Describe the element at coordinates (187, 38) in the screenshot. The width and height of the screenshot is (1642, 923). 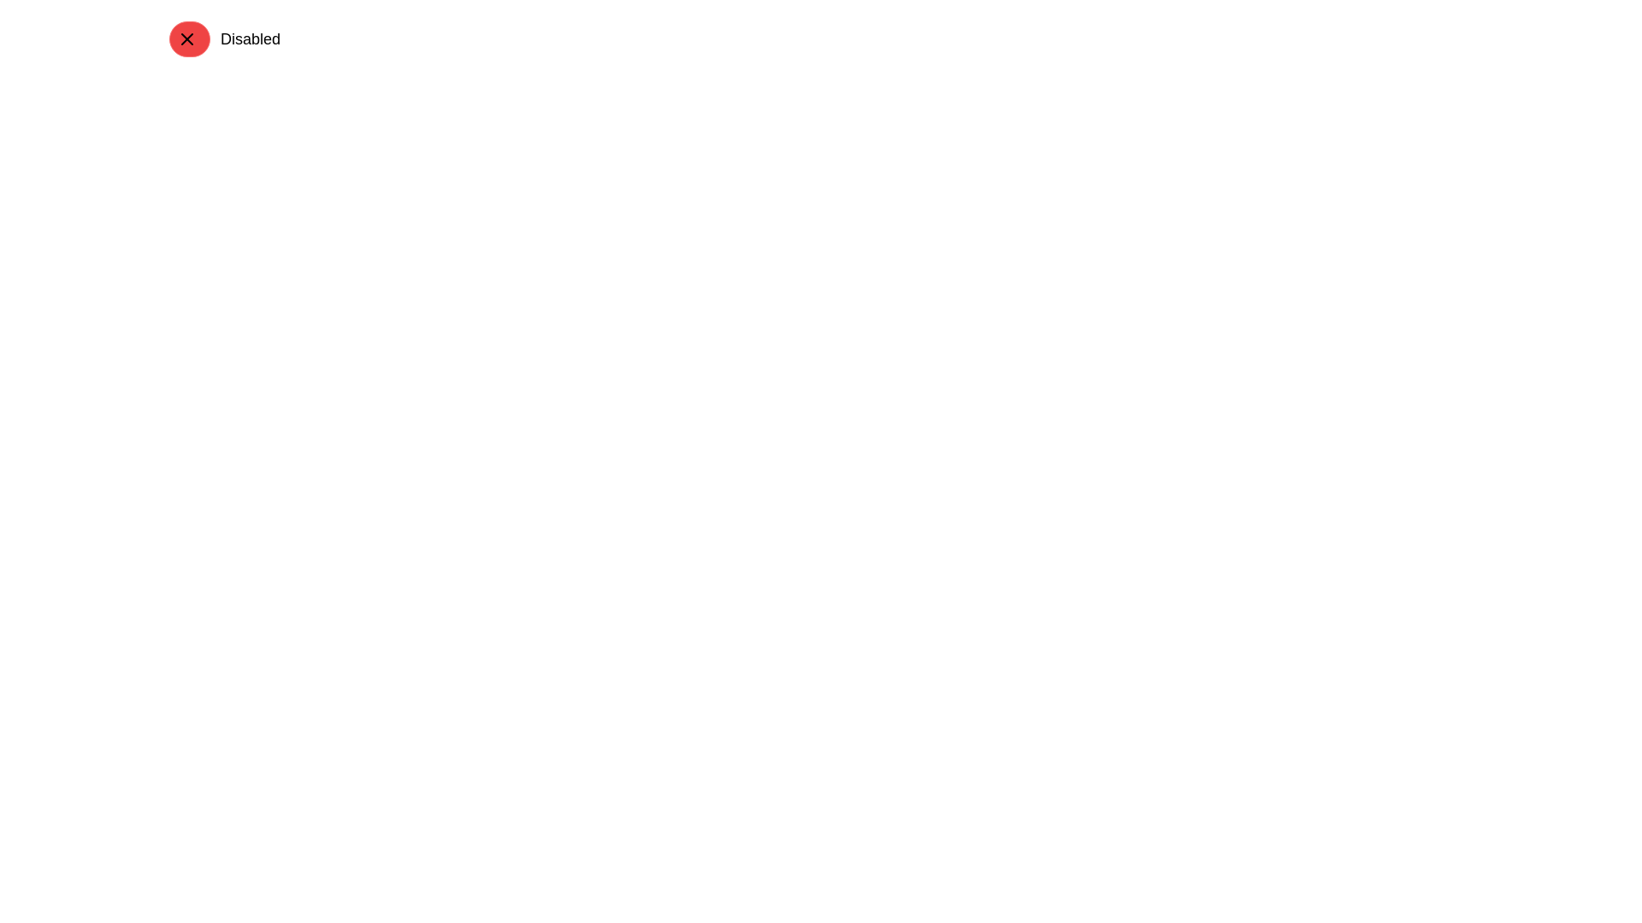
I see `the black 'X' icon within the red circular button located to the left of the 'Disabled' text label in the upper-left area of the interface` at that location.